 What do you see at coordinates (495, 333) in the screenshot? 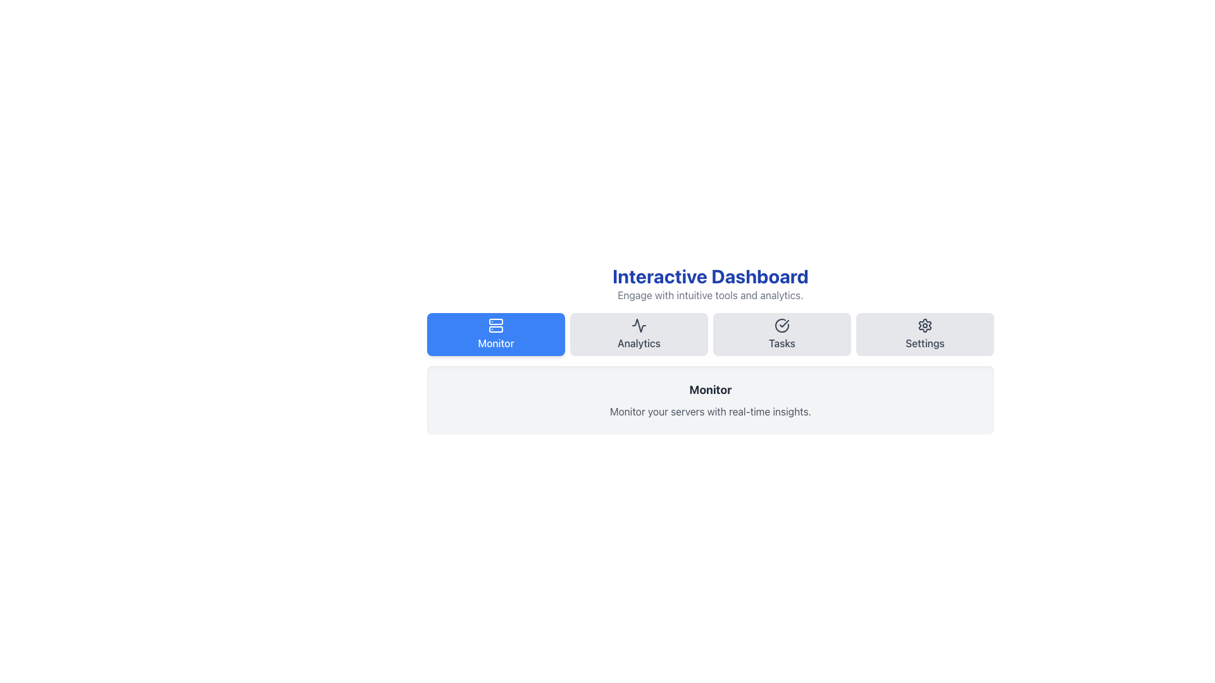
I see `the 'Monitor' button, which is the first in a row of four buttons beneath the 'Interactive Dashboard' title, featuring an icon of stacked server racks and text on a blue background` at bounding box center [495, 333].